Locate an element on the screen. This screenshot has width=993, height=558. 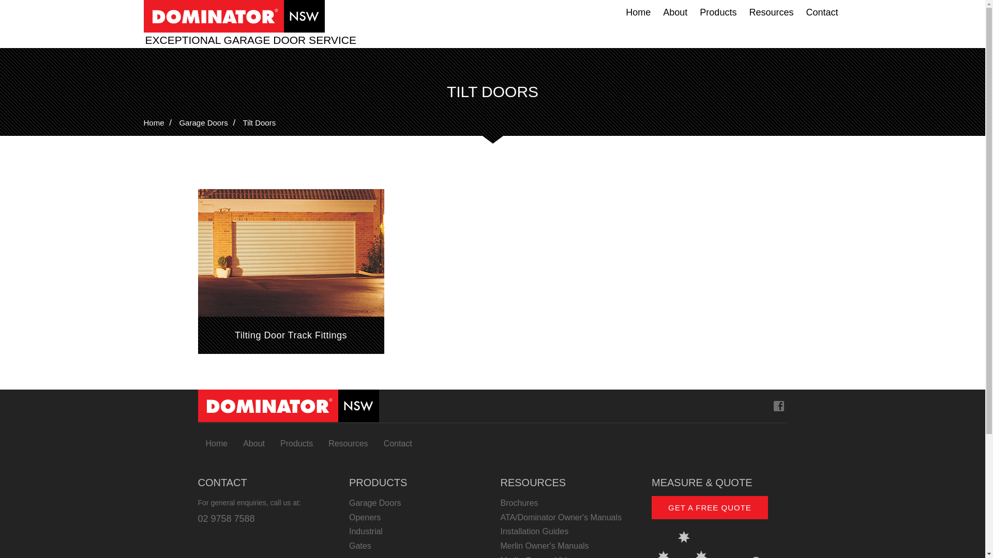
'About' is located at coordinates (253, 443).